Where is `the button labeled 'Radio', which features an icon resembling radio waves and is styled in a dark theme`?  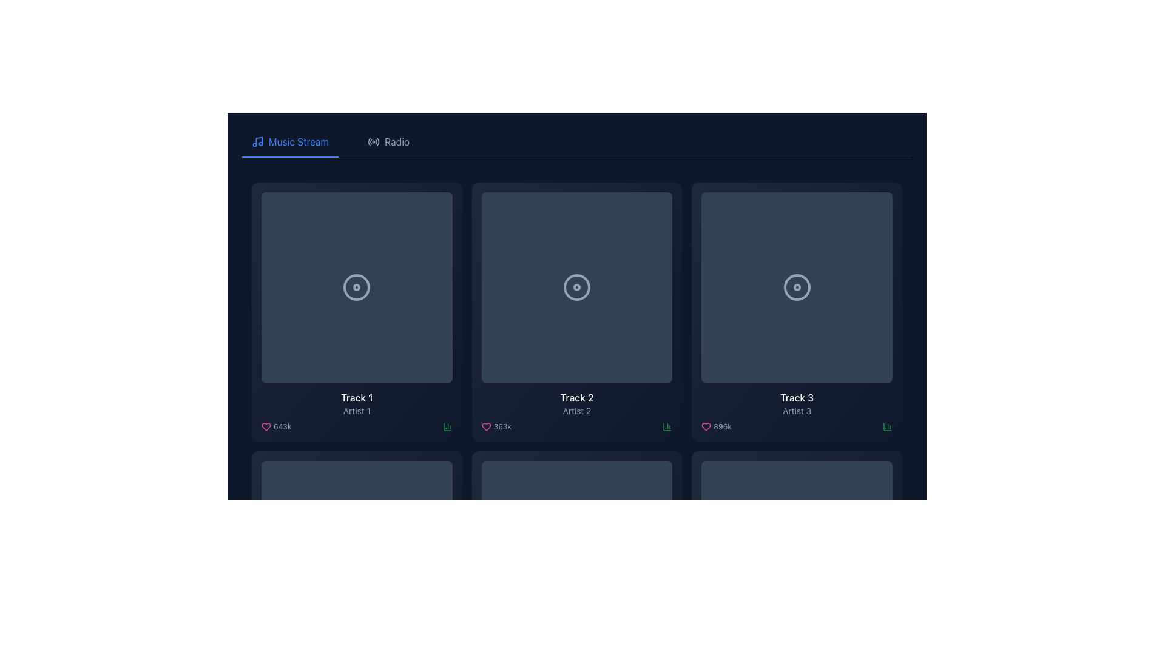 the button labeled 'Radio', which features an icon resembling radio waves and is styled in a dark theme is located at coordinates (388, 142).